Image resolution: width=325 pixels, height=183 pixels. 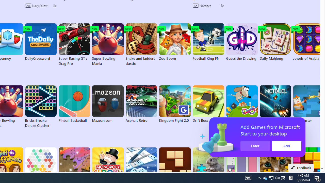 I want to click on 'Ad', so click(x=196, y=5).